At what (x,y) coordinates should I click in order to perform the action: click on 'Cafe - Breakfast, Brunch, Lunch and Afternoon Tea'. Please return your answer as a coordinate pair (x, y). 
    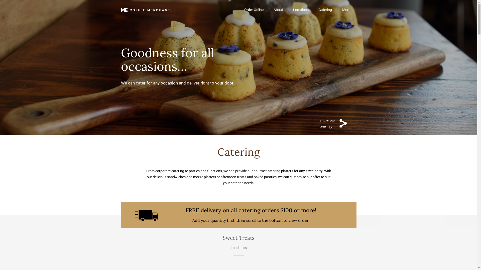
    Looking at the image, I should click on (146, 8).